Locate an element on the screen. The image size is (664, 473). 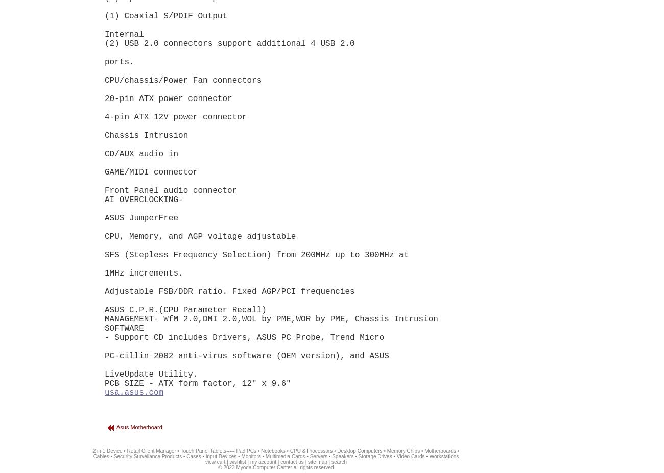
'(1) Coaxial S/PDIF Output' is located at coordinates (166, 15).